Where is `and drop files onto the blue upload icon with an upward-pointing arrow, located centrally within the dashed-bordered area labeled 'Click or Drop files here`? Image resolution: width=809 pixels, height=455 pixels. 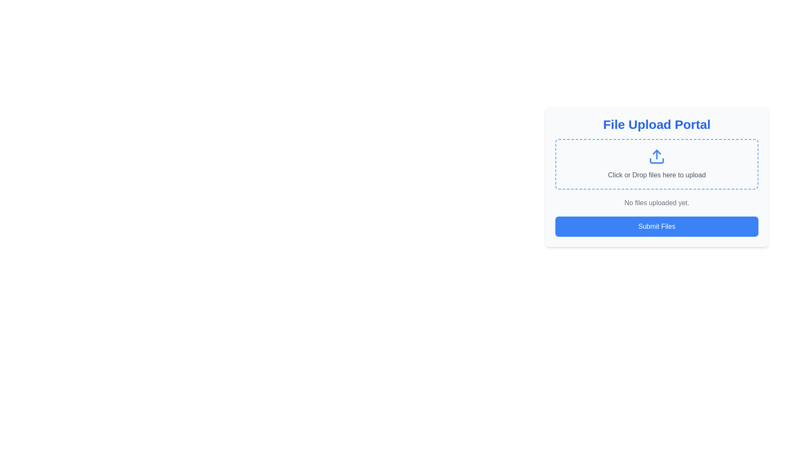
and drop files onto the blue upload icon with an upward-pointing arrow, located centrally within the dashed-bordered area labeled 'Click or Drop files here is located at coordinates (656, 156).